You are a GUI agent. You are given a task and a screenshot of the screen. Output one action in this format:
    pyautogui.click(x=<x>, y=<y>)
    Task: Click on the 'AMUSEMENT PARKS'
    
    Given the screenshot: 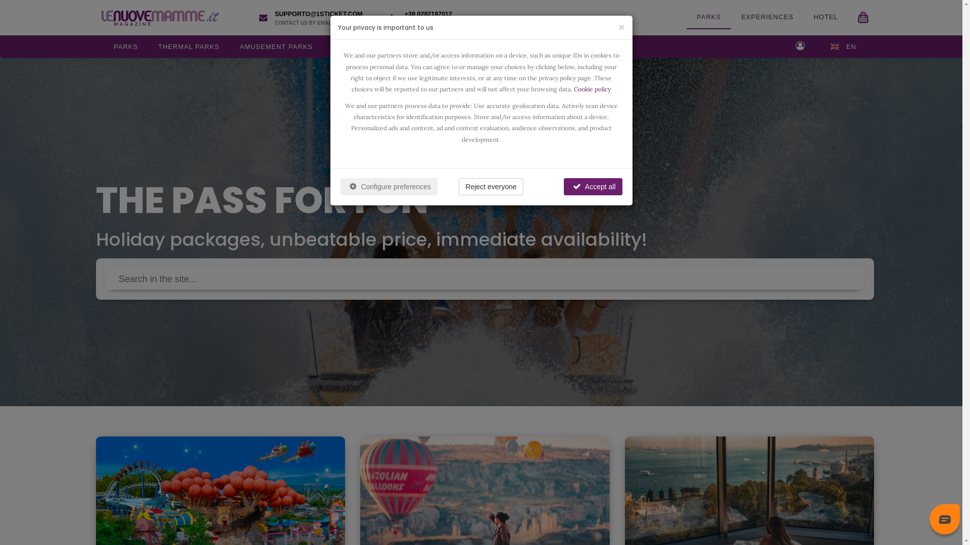 What is the action you would take?
    pyautogui.click(x=276, y=46)
    